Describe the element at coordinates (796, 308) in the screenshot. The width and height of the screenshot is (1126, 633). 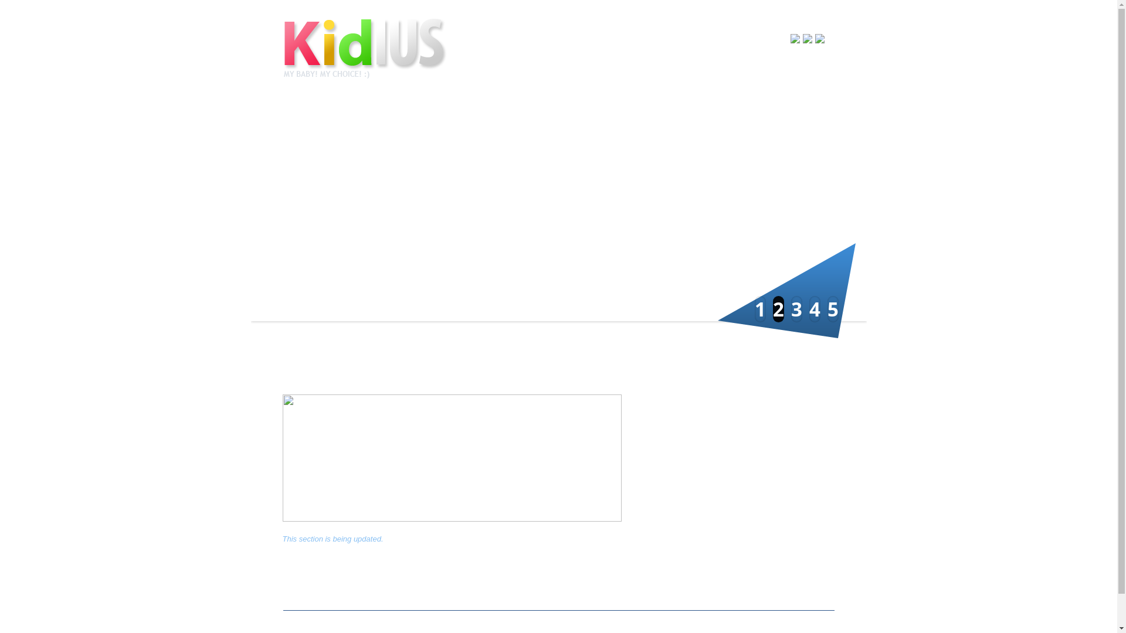
I see `'3'` at that location.